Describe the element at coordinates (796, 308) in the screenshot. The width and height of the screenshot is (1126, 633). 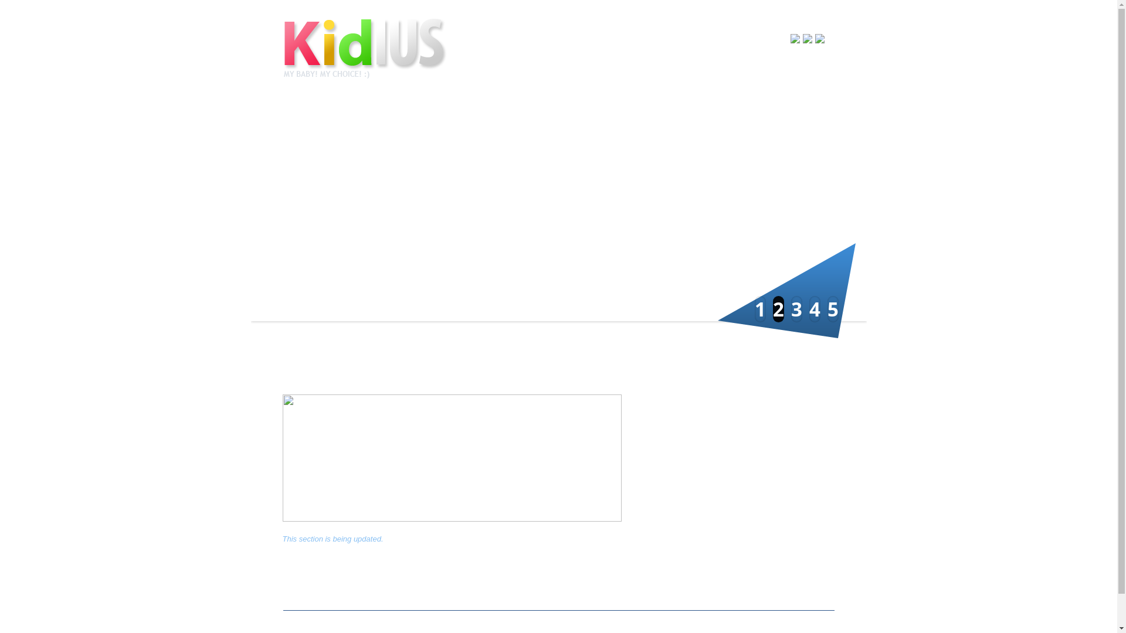
I see `'3'` at that location.